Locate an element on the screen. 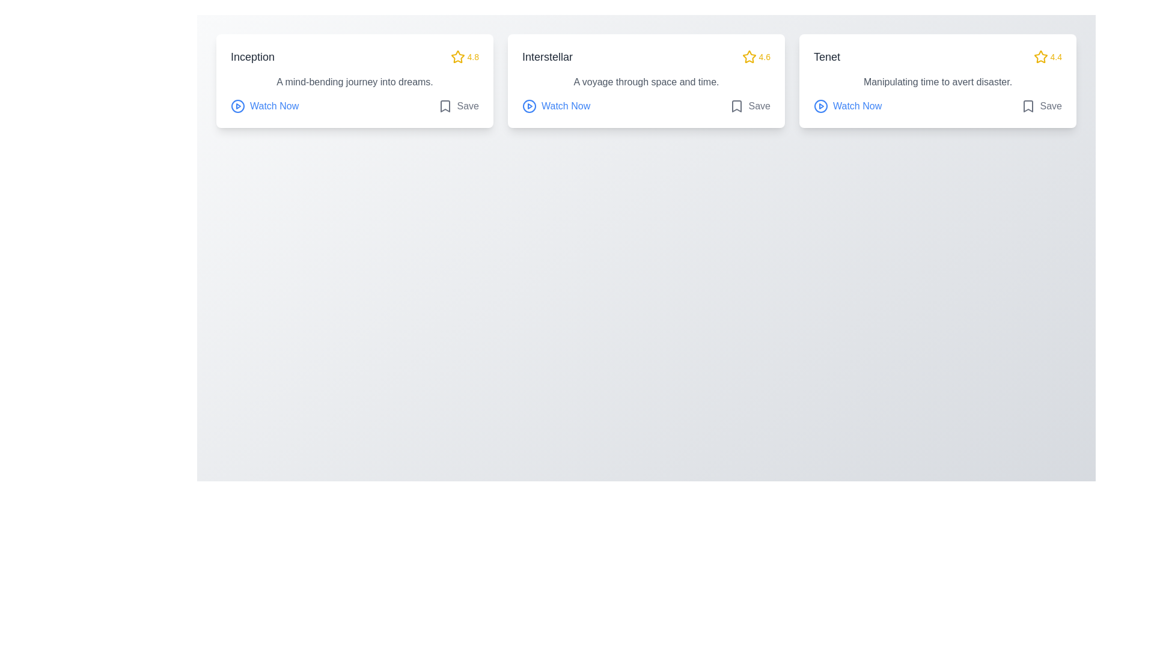  the movie rating text for 'Tenet', which is positioned to the right of the yellow star icon in the top right of the card is located at coordinates (1055, 57).